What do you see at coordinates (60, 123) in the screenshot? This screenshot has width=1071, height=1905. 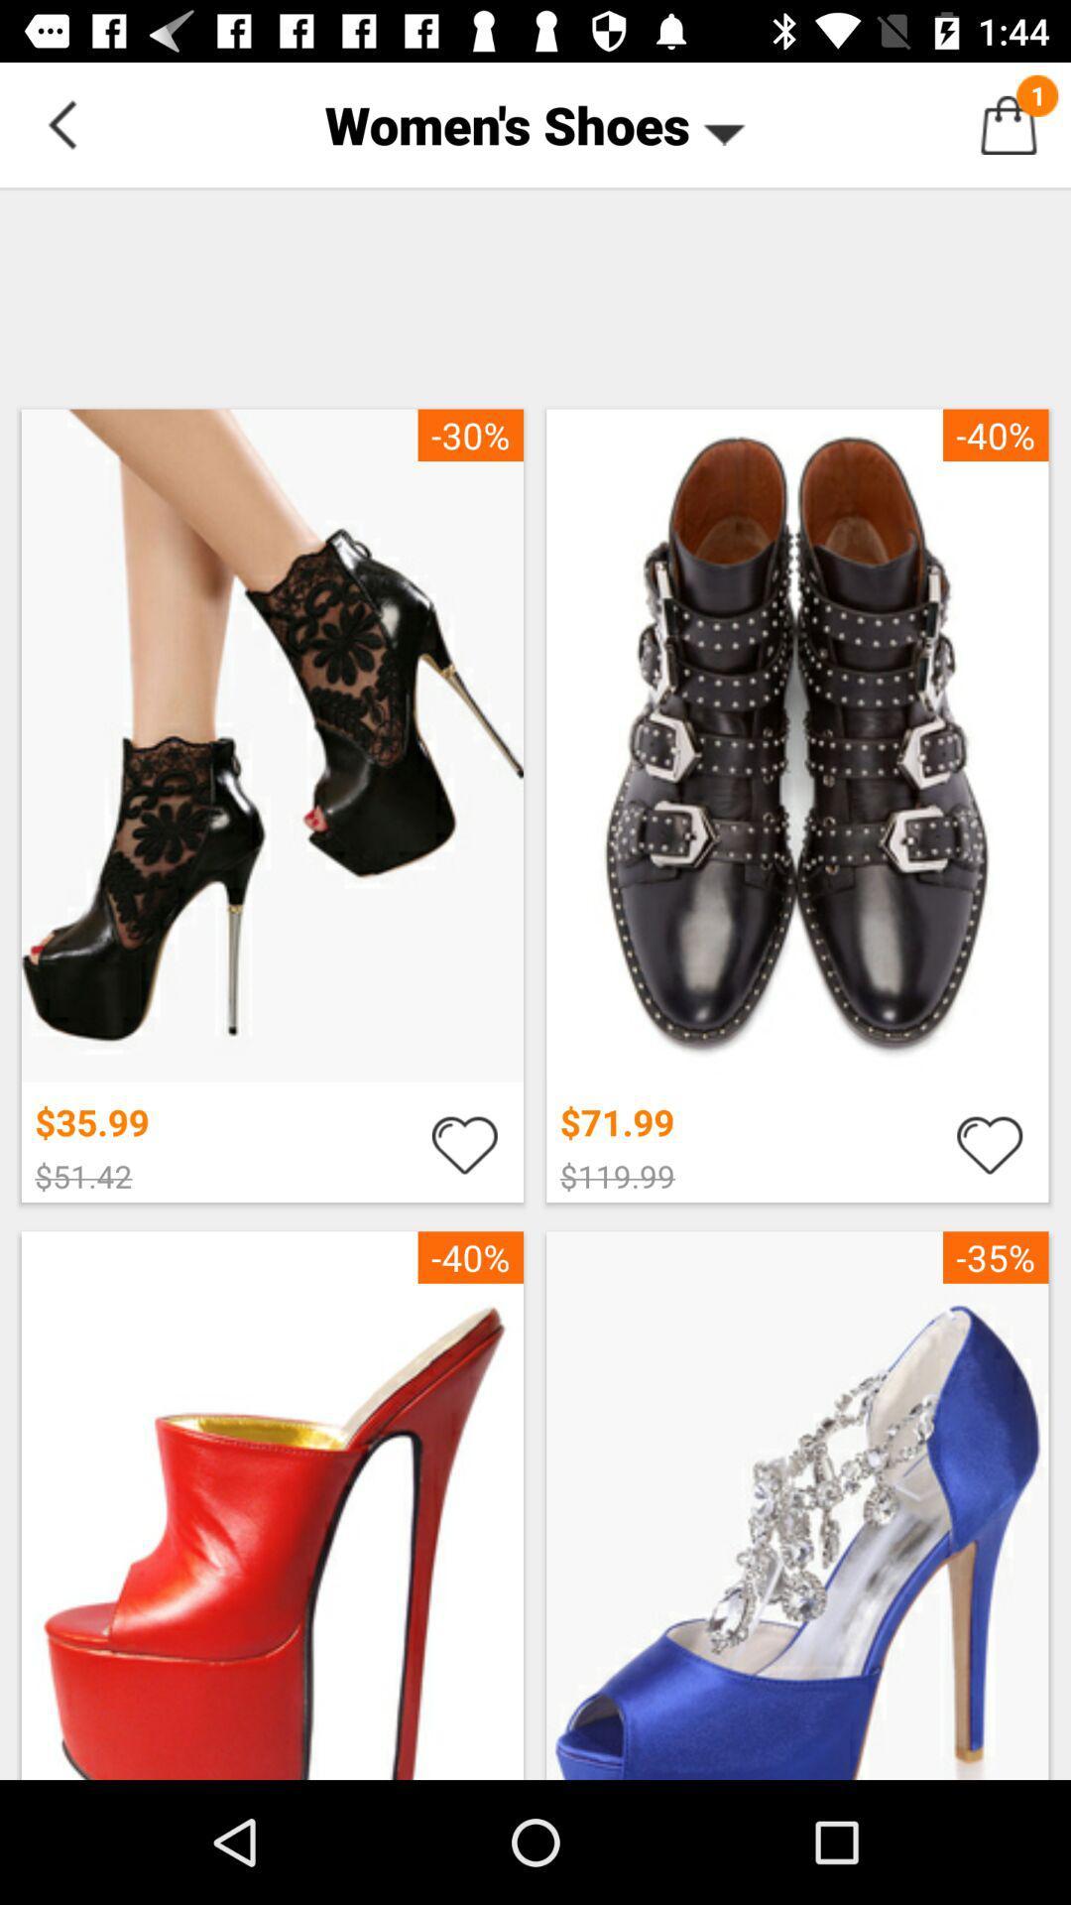 I see `the button to the left of women's shoes icon` at bounding box center [60, 123].